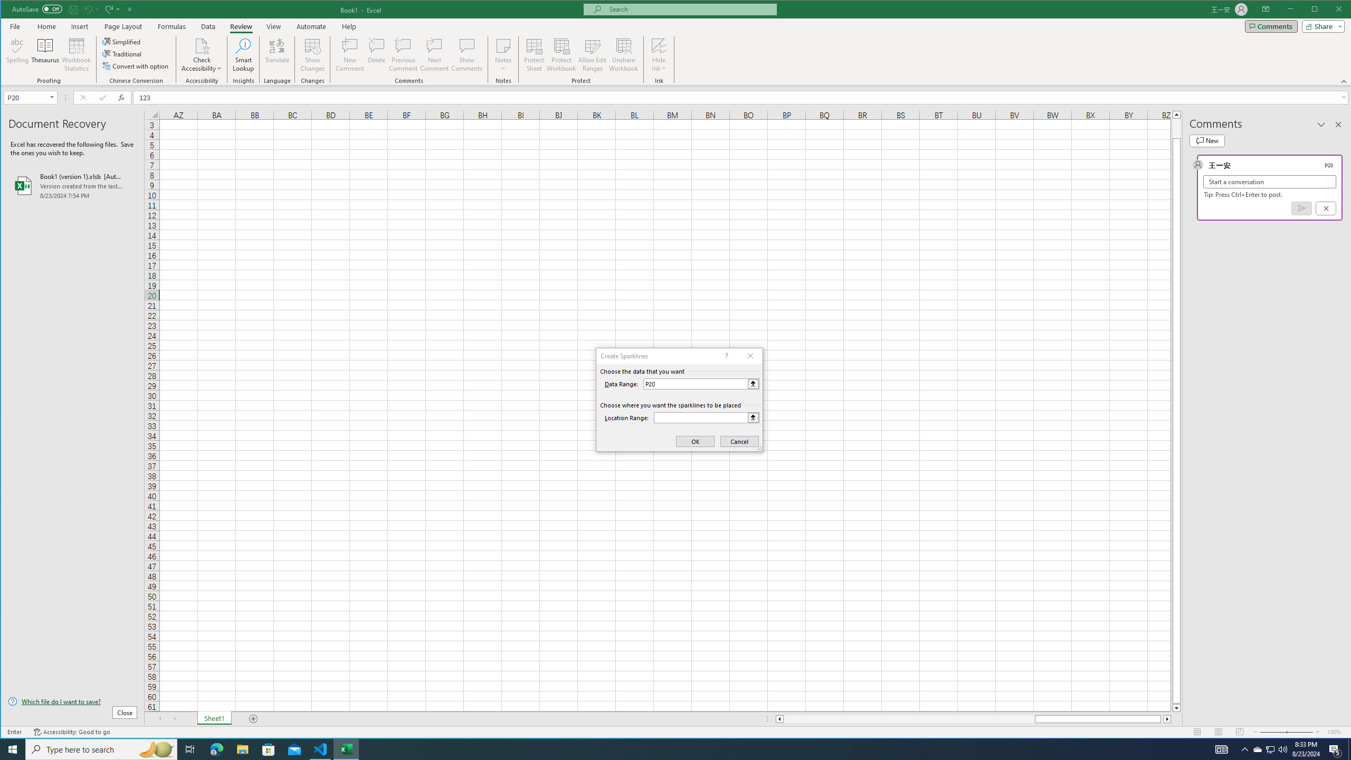  Describe the element at coordinates (561, 54) in the screenshot. I see `'Protect Workbook...'` at that location.